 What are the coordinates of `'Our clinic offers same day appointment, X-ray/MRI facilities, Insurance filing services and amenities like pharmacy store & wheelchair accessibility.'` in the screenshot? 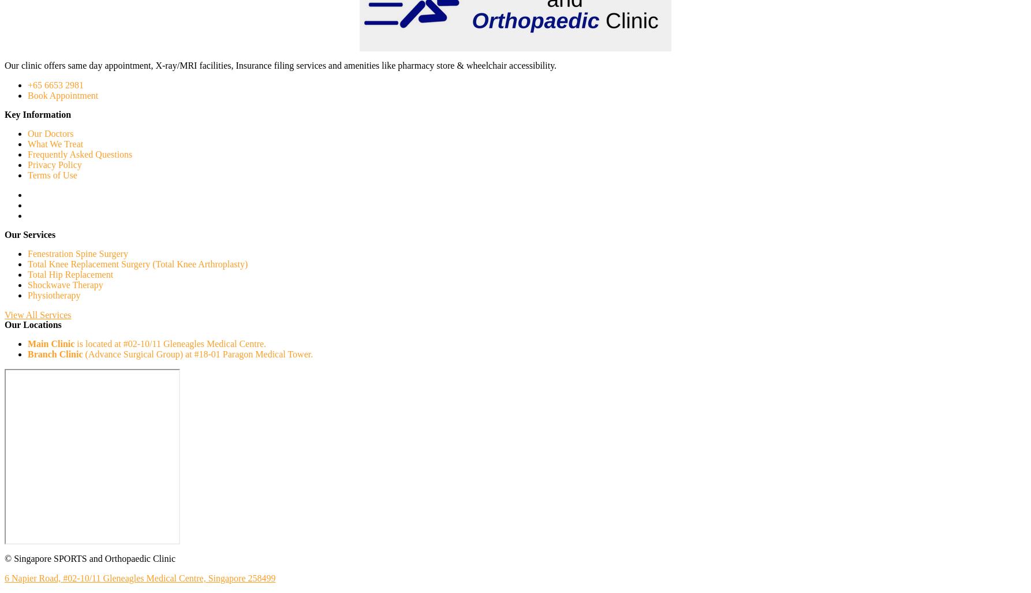 It's located at (279, 65).